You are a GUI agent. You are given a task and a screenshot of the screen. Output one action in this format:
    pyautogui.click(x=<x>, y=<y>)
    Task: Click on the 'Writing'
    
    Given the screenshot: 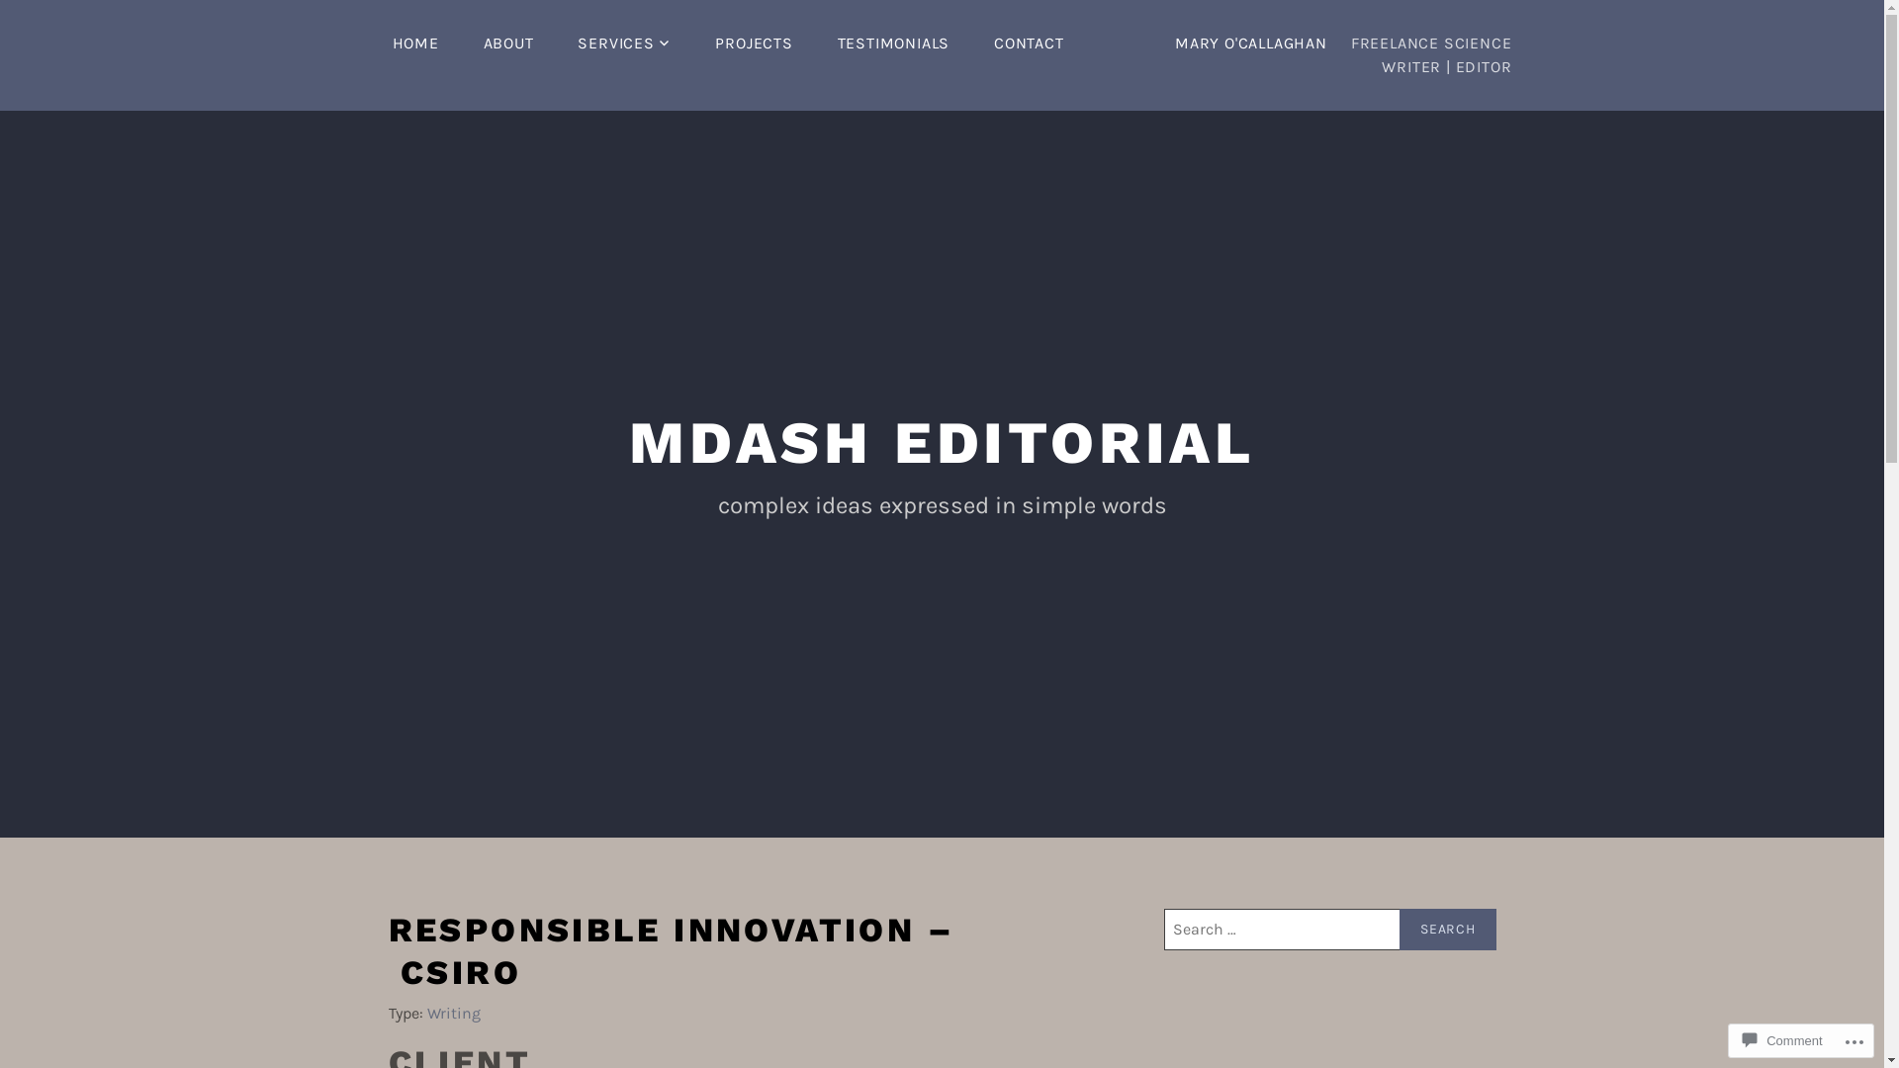 What is the action you would take?
    pyautogui.click(x=453, y=1013)
    